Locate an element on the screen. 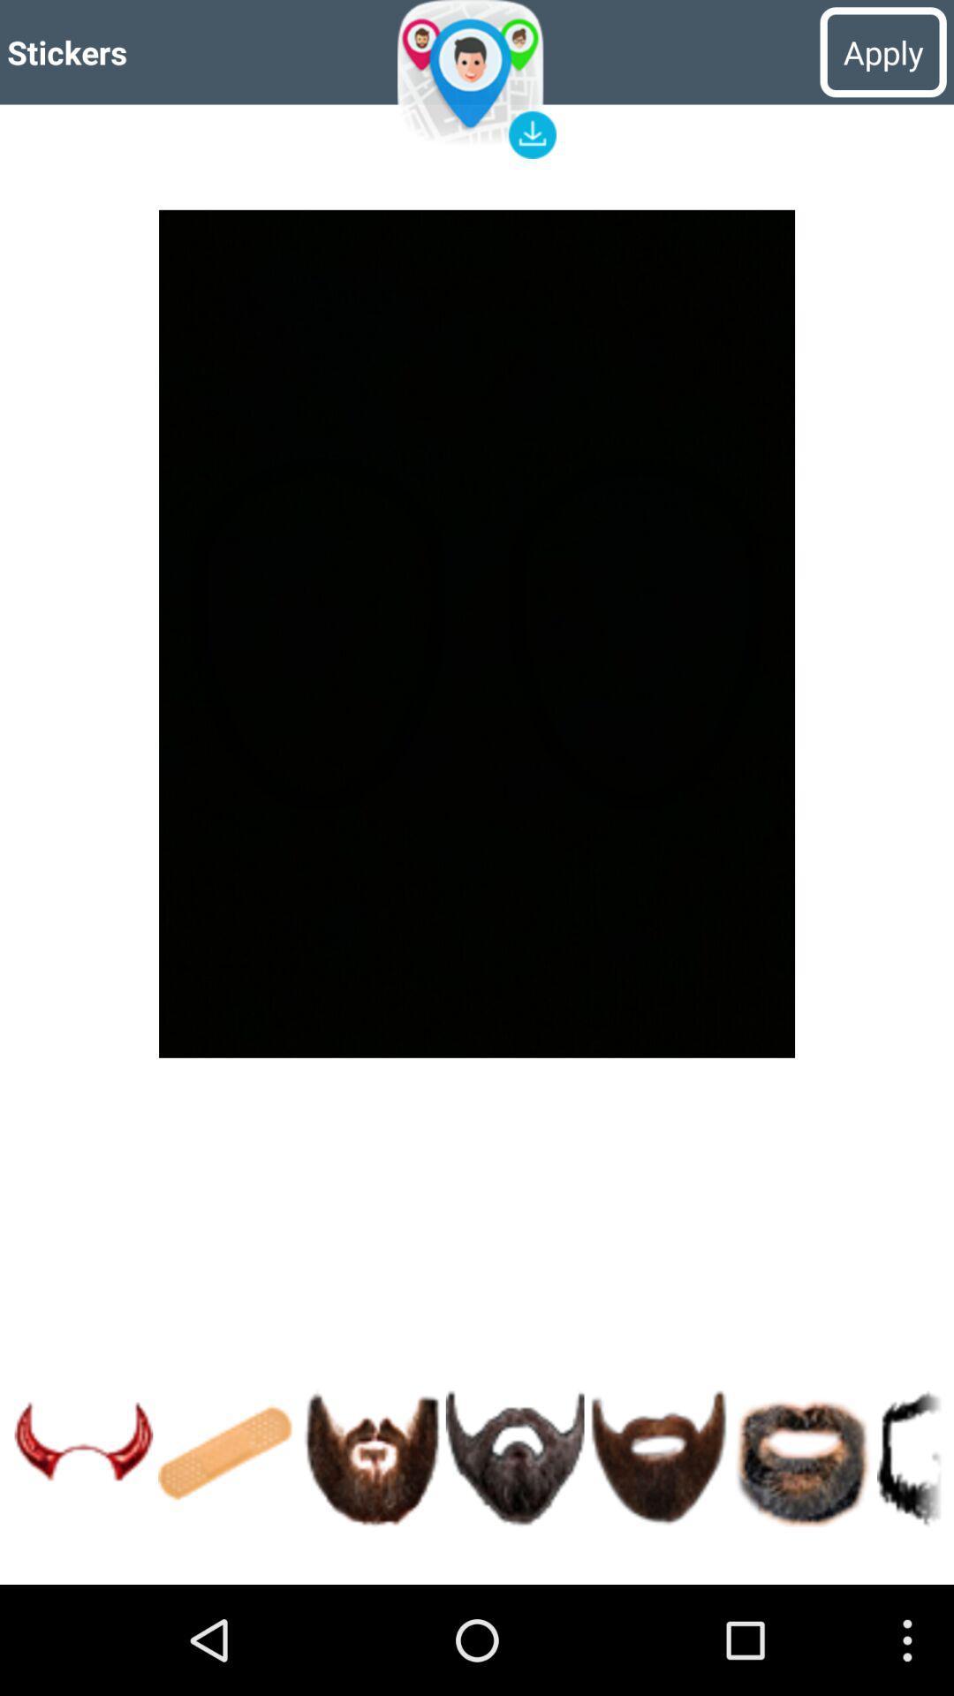 The width and height of the screenshot is (954, 1696). the location icon is located at coordinates (477, 84).